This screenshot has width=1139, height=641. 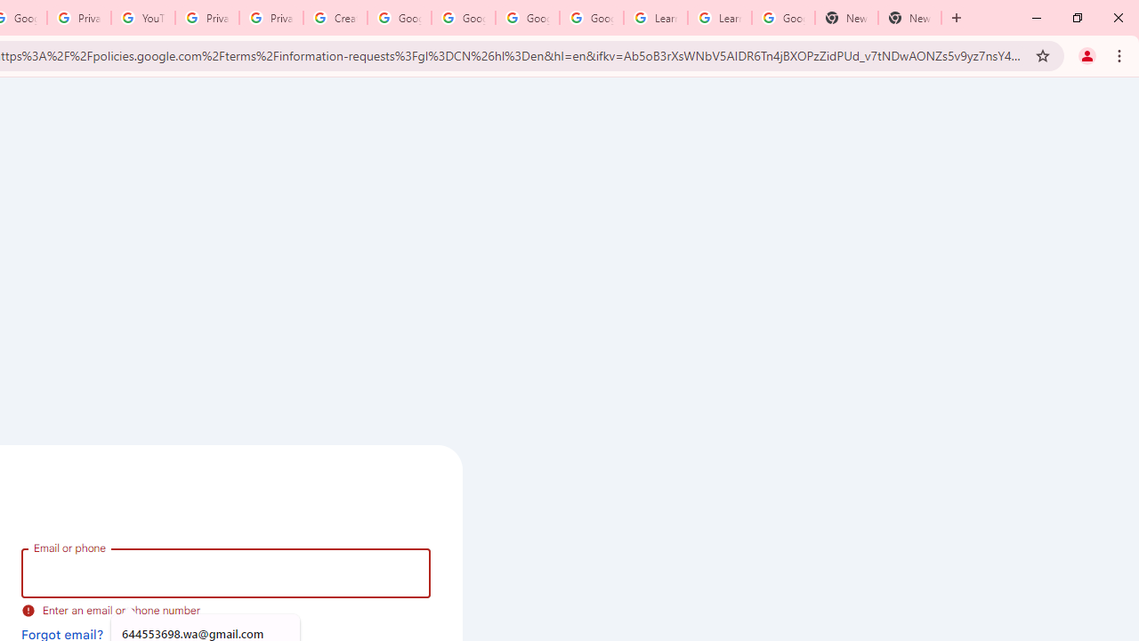 I want to click on 'YouTube', so click(x=143, y=18).